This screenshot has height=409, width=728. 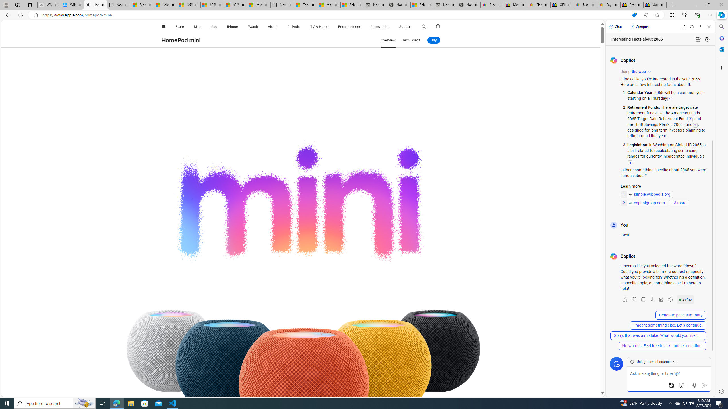 What do you see at coordinates (279, 26) in the screenshot?
I see `'Vision menu'` at bounding box center [279, 26].